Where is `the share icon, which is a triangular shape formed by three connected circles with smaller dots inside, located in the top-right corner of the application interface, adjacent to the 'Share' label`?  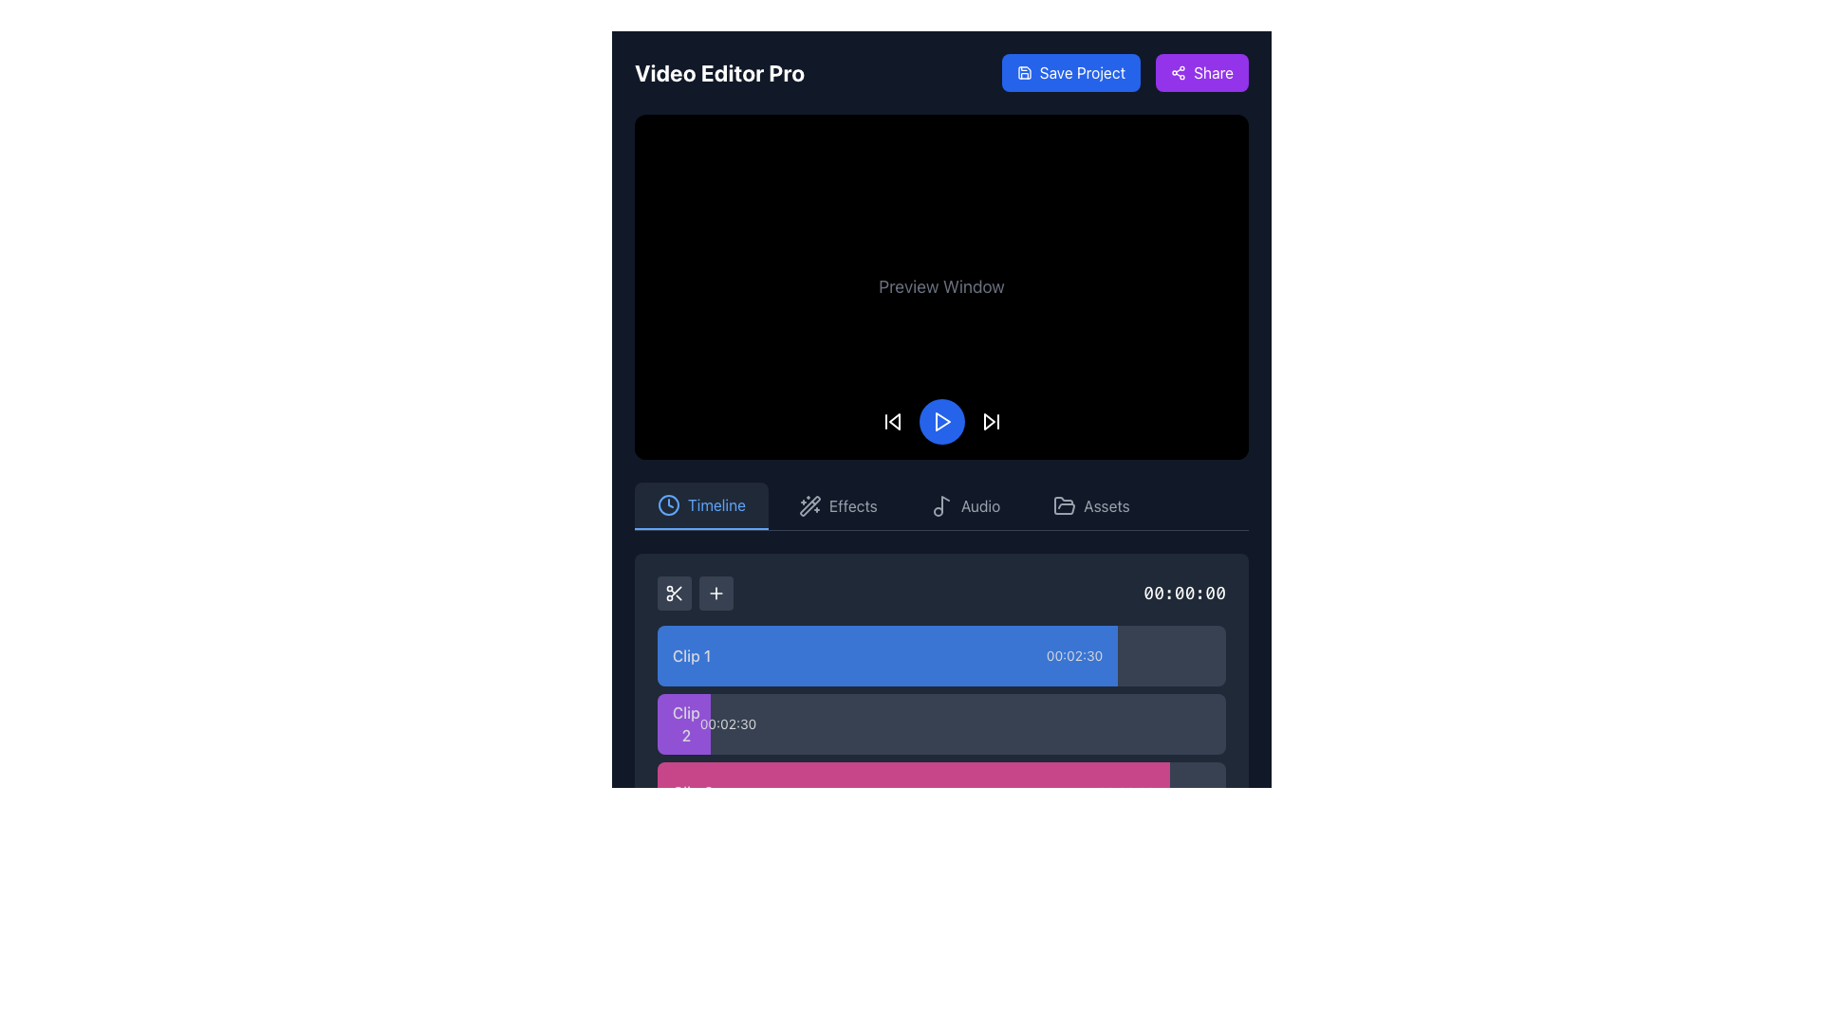
the share icon, which is a triangular shape formed by three connected circles with smaller dots inside, located in the top-right corner of the application interface, adjacent to the 'Share' label is located at coordinates (1178, 72).